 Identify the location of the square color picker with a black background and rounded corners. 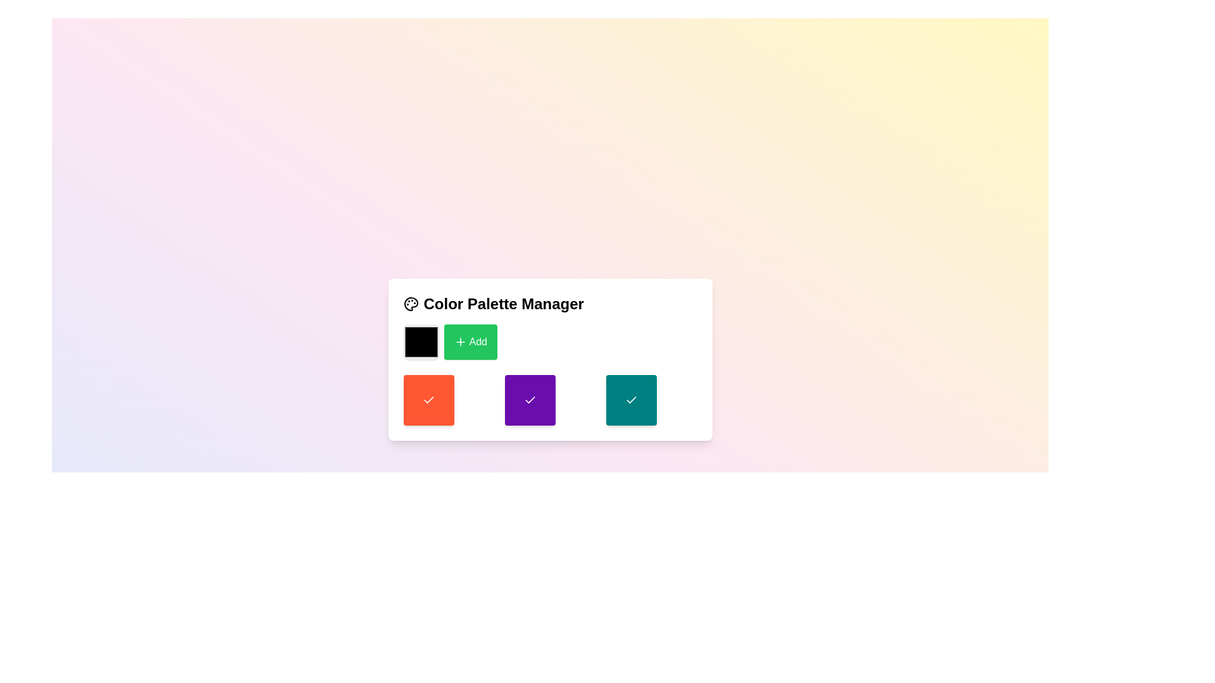
(421, 341).